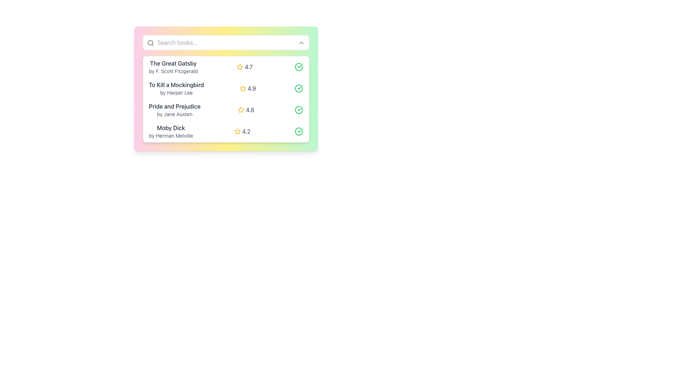 This screenshot has width=689, height=387. What do you see at coordinates (174, 110) in the screenshot?
I see `the text block titled 'Pride and Prejudice' to select it, which is the third item in a vertically arranged list in a rounded box` at bounding box center [174, 110].